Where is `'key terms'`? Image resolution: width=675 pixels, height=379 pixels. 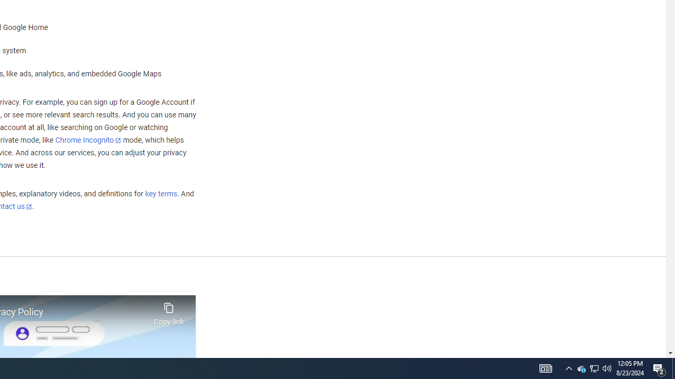 'key terms' is located at coordinates (160, 194).